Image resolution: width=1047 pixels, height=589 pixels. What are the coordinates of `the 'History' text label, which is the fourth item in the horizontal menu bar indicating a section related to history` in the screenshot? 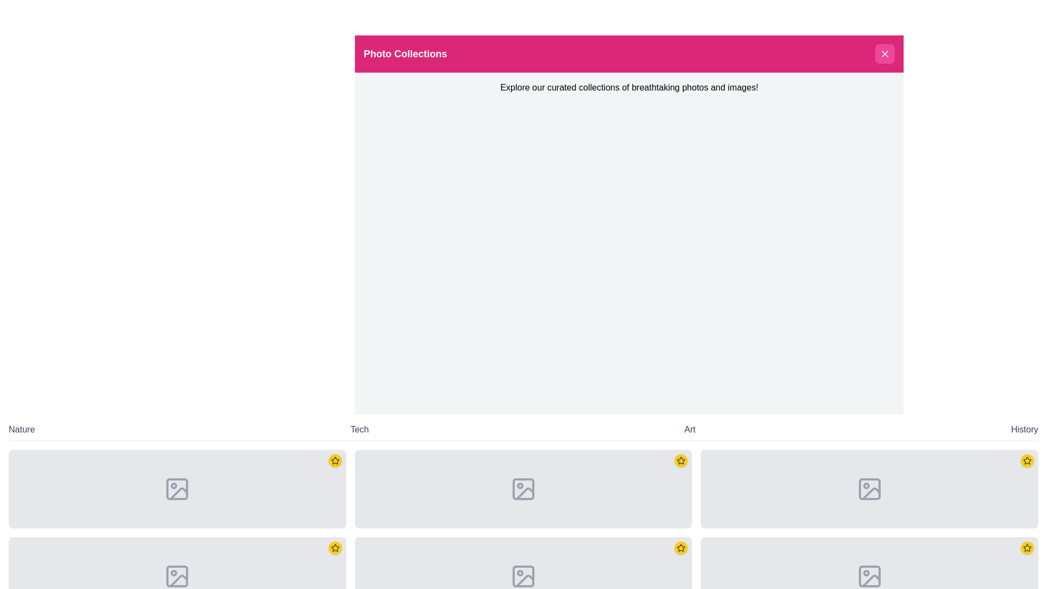 It's located at (1024, 429).